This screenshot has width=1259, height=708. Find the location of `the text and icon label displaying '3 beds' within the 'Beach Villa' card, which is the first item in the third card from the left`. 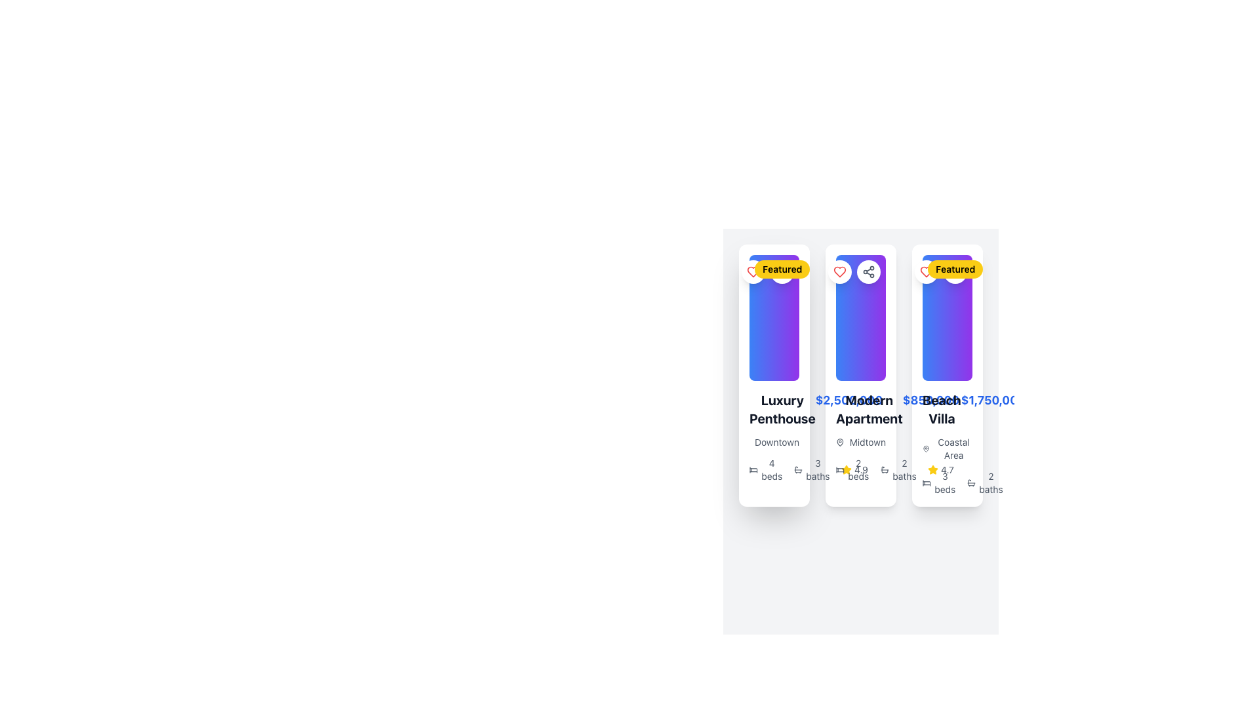

the text and icon label displaying '3 beds' within the 'Beach Villa' card, which is the first item in the third card from the left is located at coordinates (938, 482).